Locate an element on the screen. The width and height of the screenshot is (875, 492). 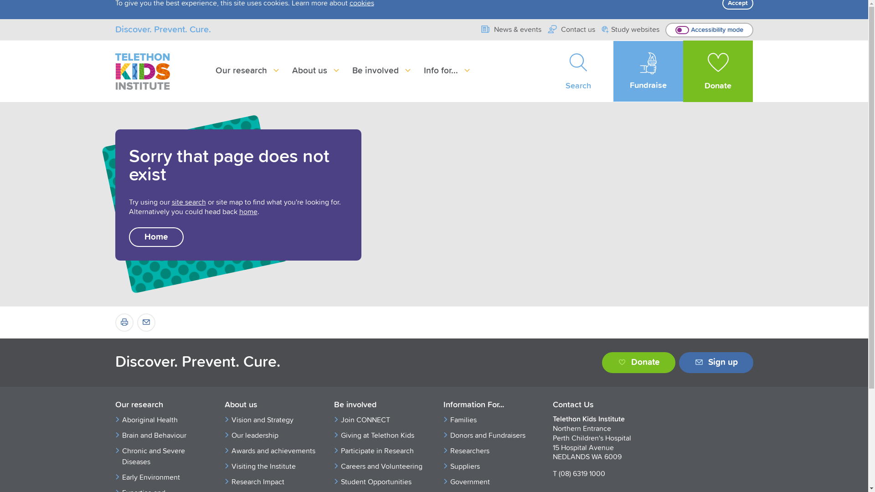
'Careers and Volunteering' is located at coordinates (383, 466).